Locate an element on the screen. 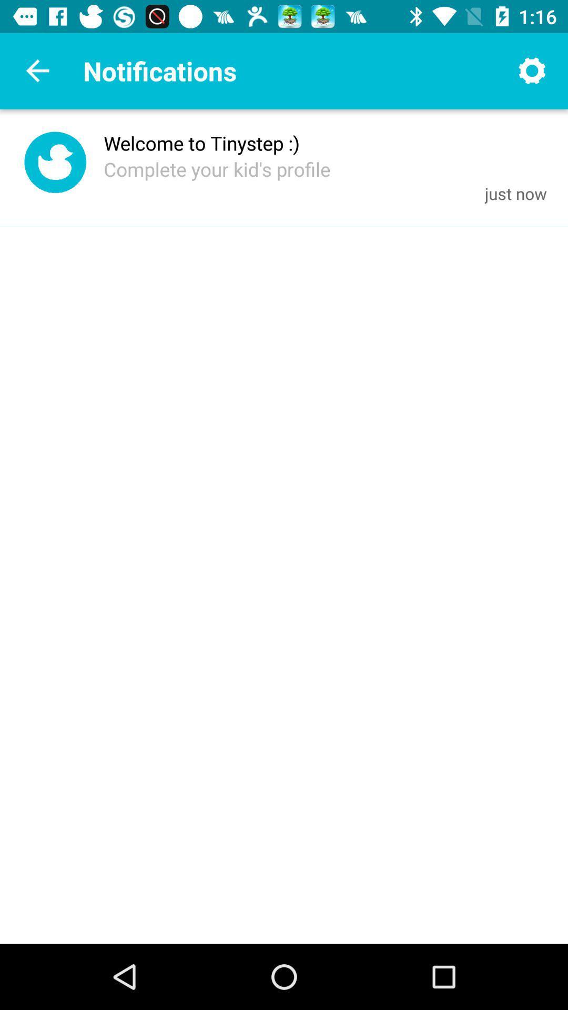 Image resolution: width=568 pixels, height=1010 pixels. item to the left of the just now icon is located at coordinates (216, 169).